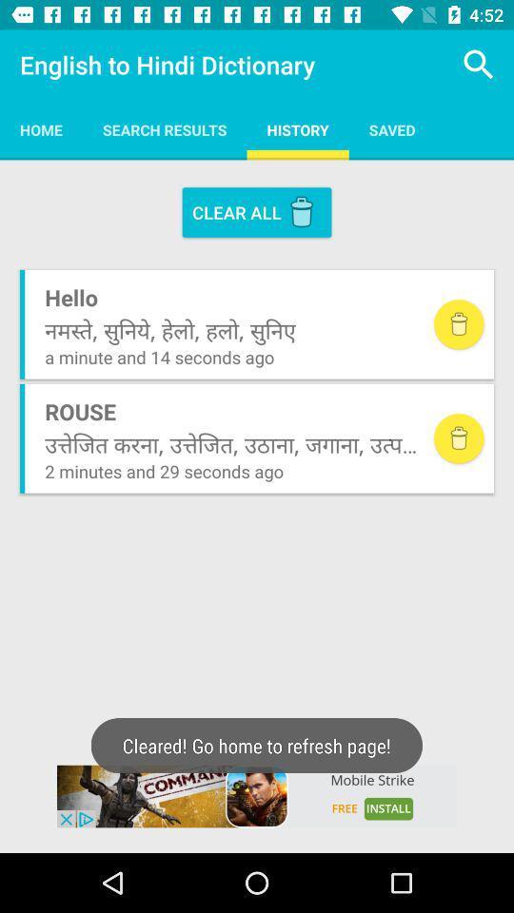  I want to click on english hindi dictionary, so click(257, 796).